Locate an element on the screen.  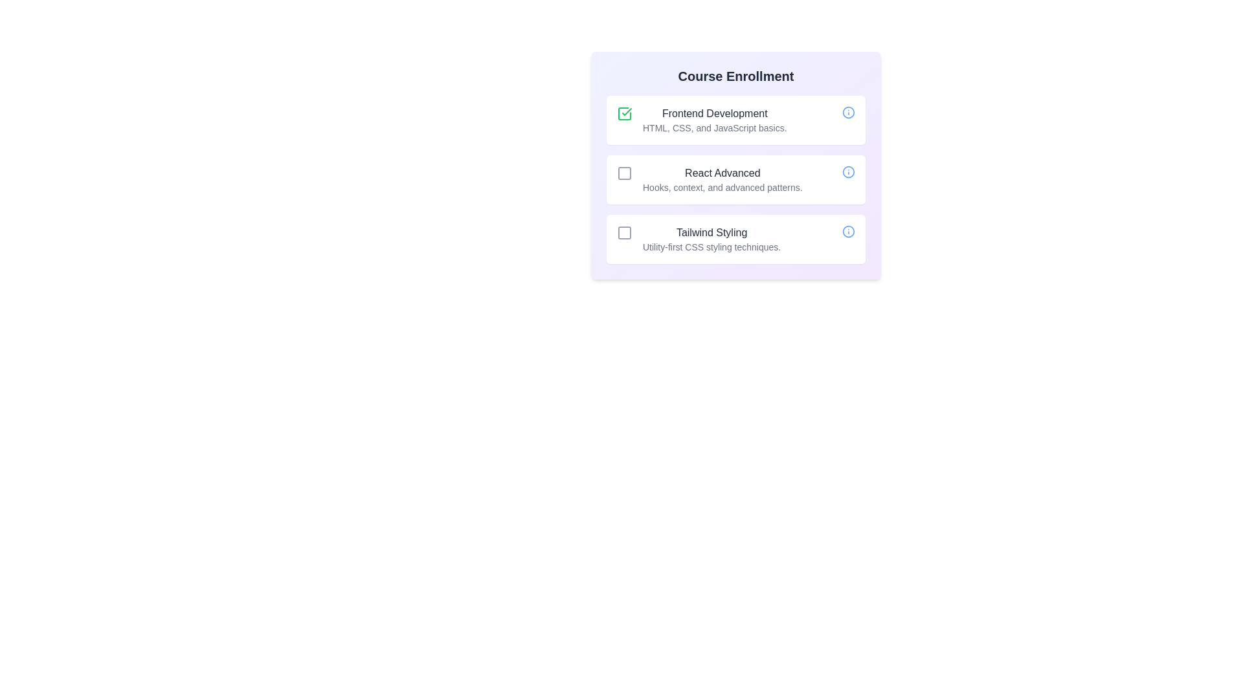
the blue circular SVG graphic element that is part of the icon aligned with the 'React Advanced' entry in the list is located at coordinates (848, 172).